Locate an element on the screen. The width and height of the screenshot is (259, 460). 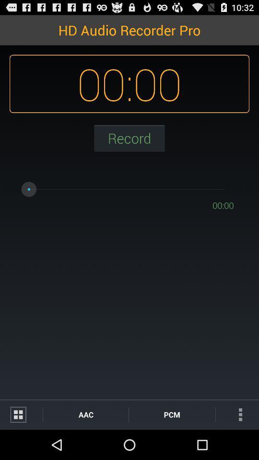
item next to pcm item is located at coordinates (236, 414).